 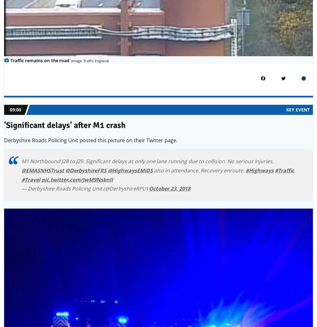 What do you see at coordinates (286, 110) in the screenshot?
I see `'KEY EVENT'` at bounding box center [286, 110].